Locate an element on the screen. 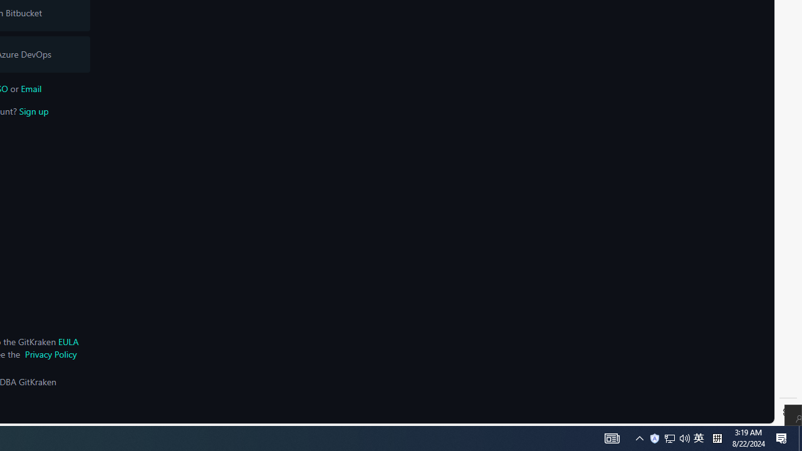  'Privacy Policy' is located at coordinates (50, 354).